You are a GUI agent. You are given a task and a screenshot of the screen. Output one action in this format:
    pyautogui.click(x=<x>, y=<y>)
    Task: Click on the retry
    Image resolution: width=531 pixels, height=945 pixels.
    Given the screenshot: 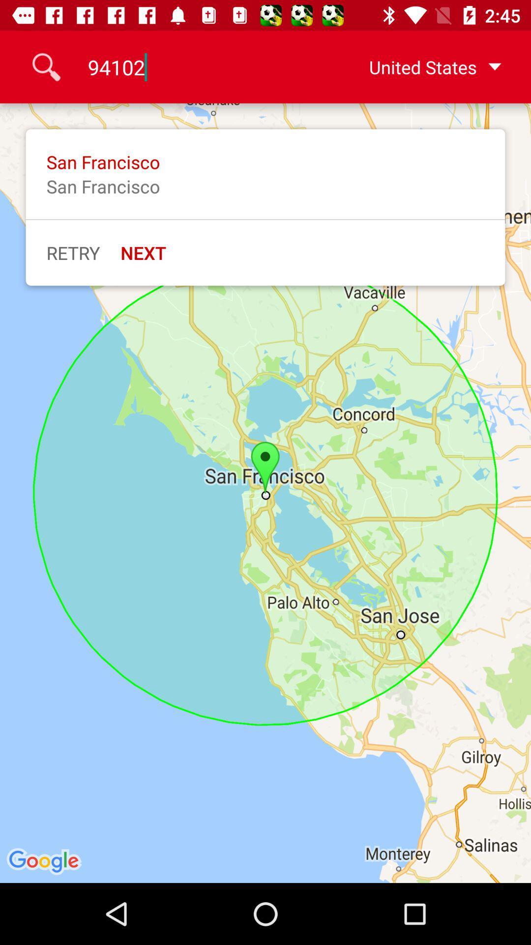 What is the action you would take?
    pyautogui.click(x=72, y=252)
    